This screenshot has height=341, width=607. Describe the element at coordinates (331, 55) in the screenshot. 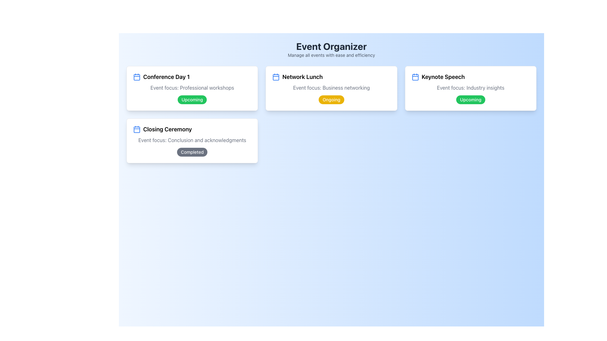

I see `the text that provides additional context about the 'Event Organizer' heading, which is centrally aligned below the title` at that location.